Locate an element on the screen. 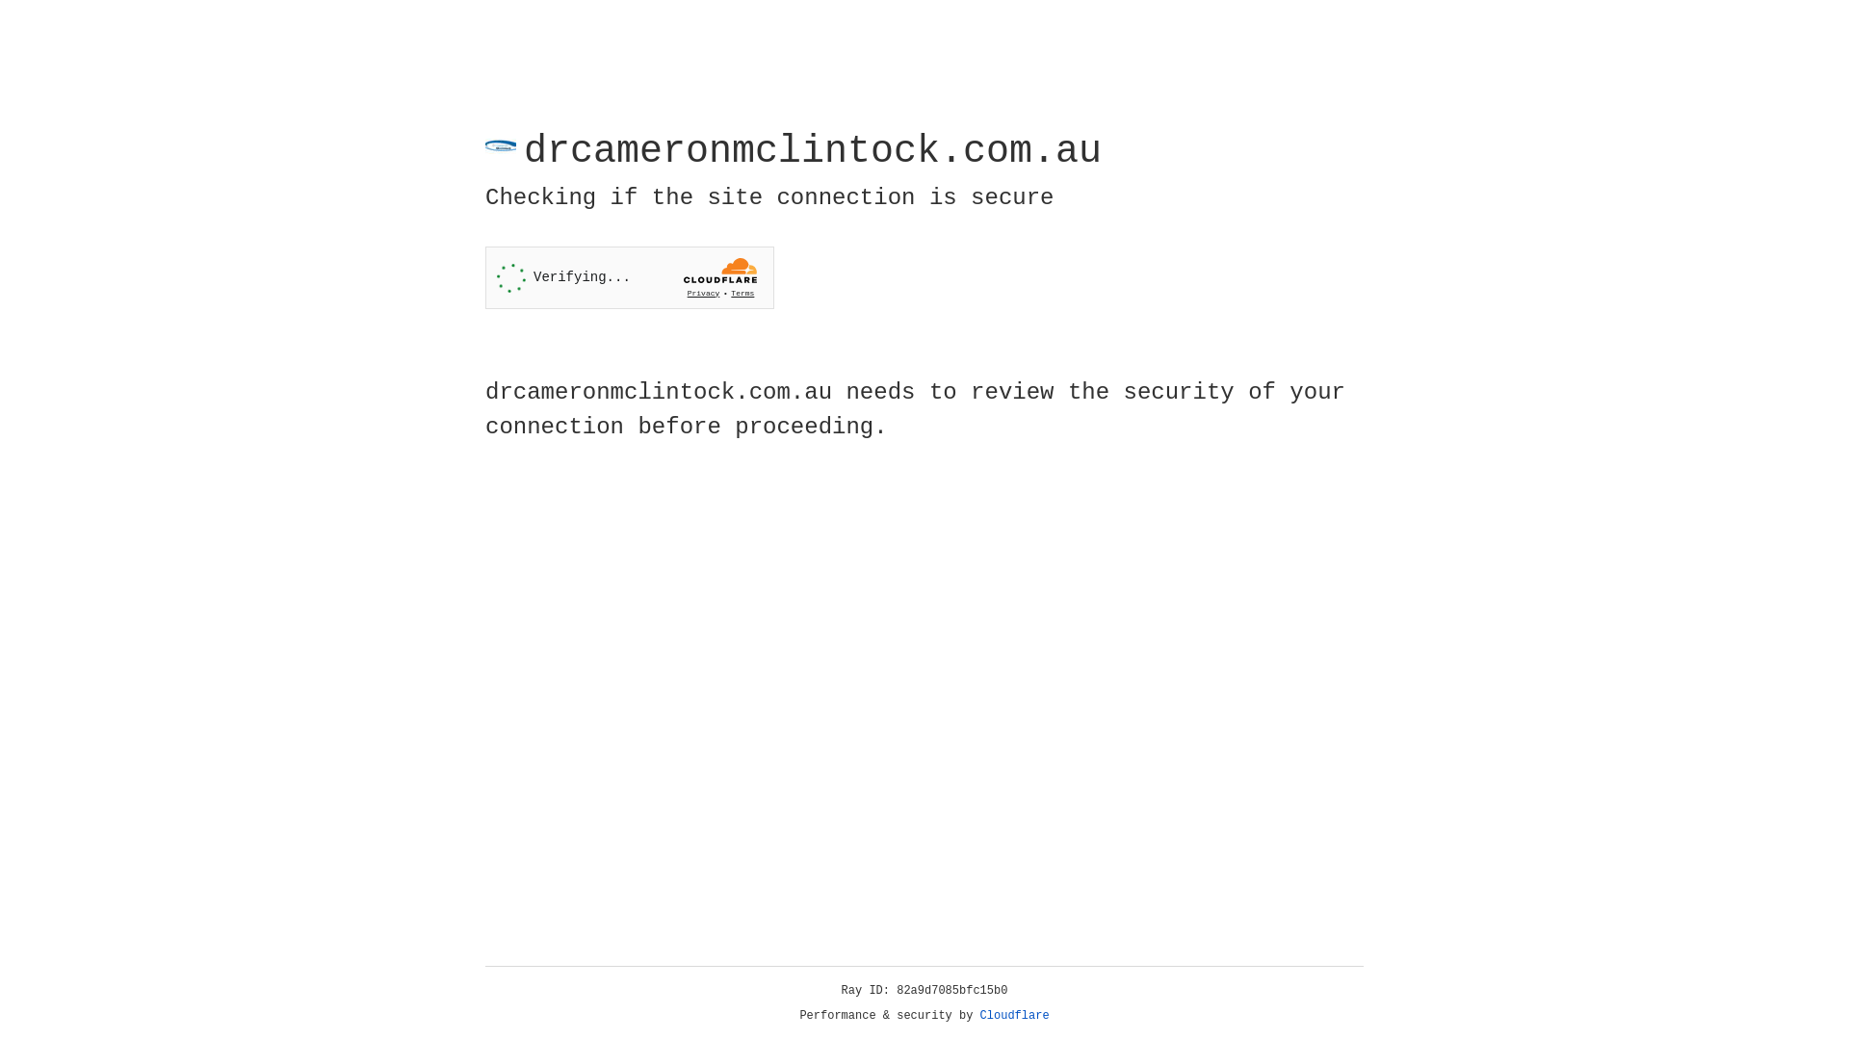  'Widget containing a Cloudflare security challenge' is located at coordinates (629, 277).